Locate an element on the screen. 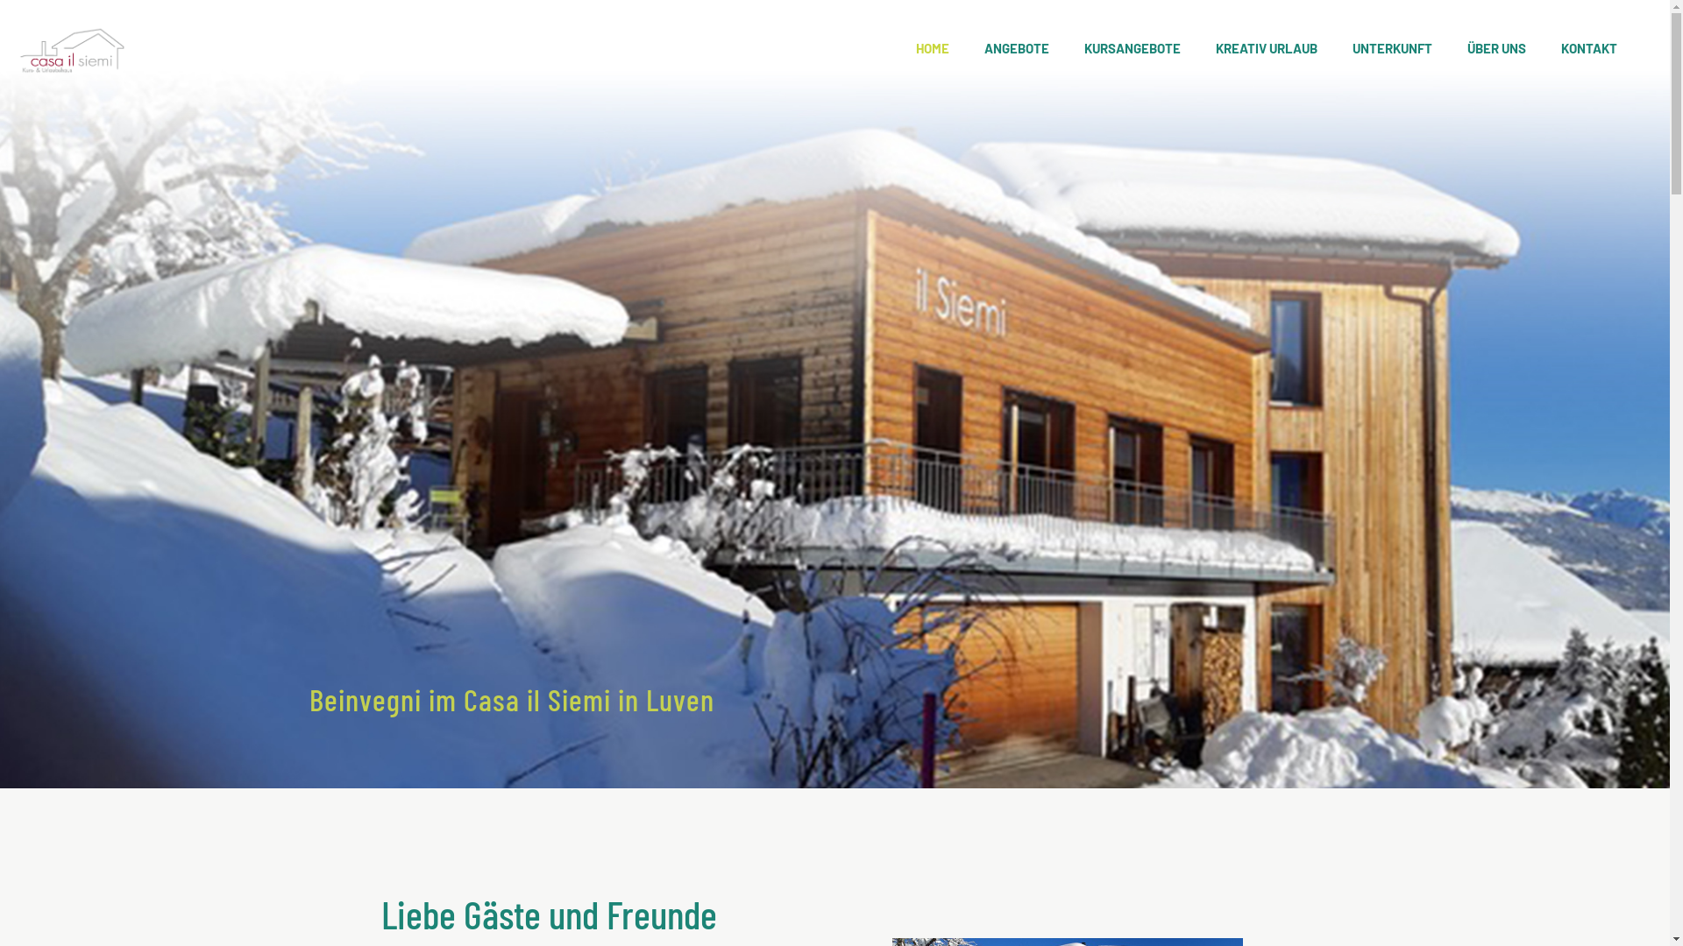 Image resolution: width=1683 pixels, height=946 pixels. 'HOME' is located at coordinates (932, 46).